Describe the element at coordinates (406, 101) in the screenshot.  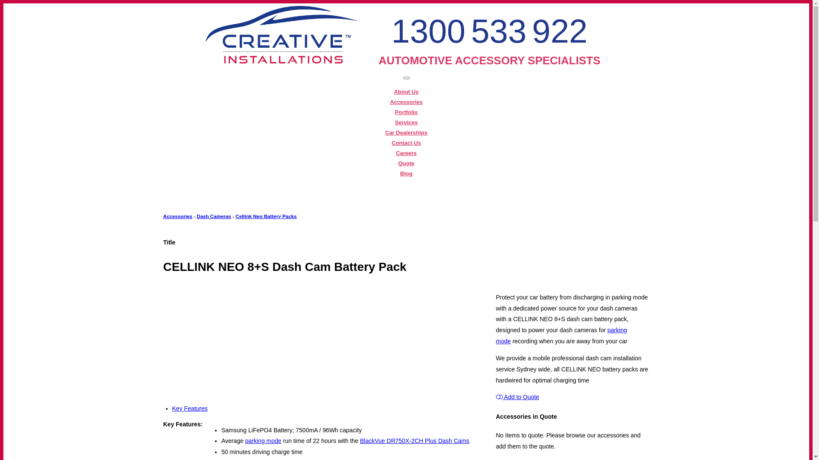
I see `'Accessories'` at that location.